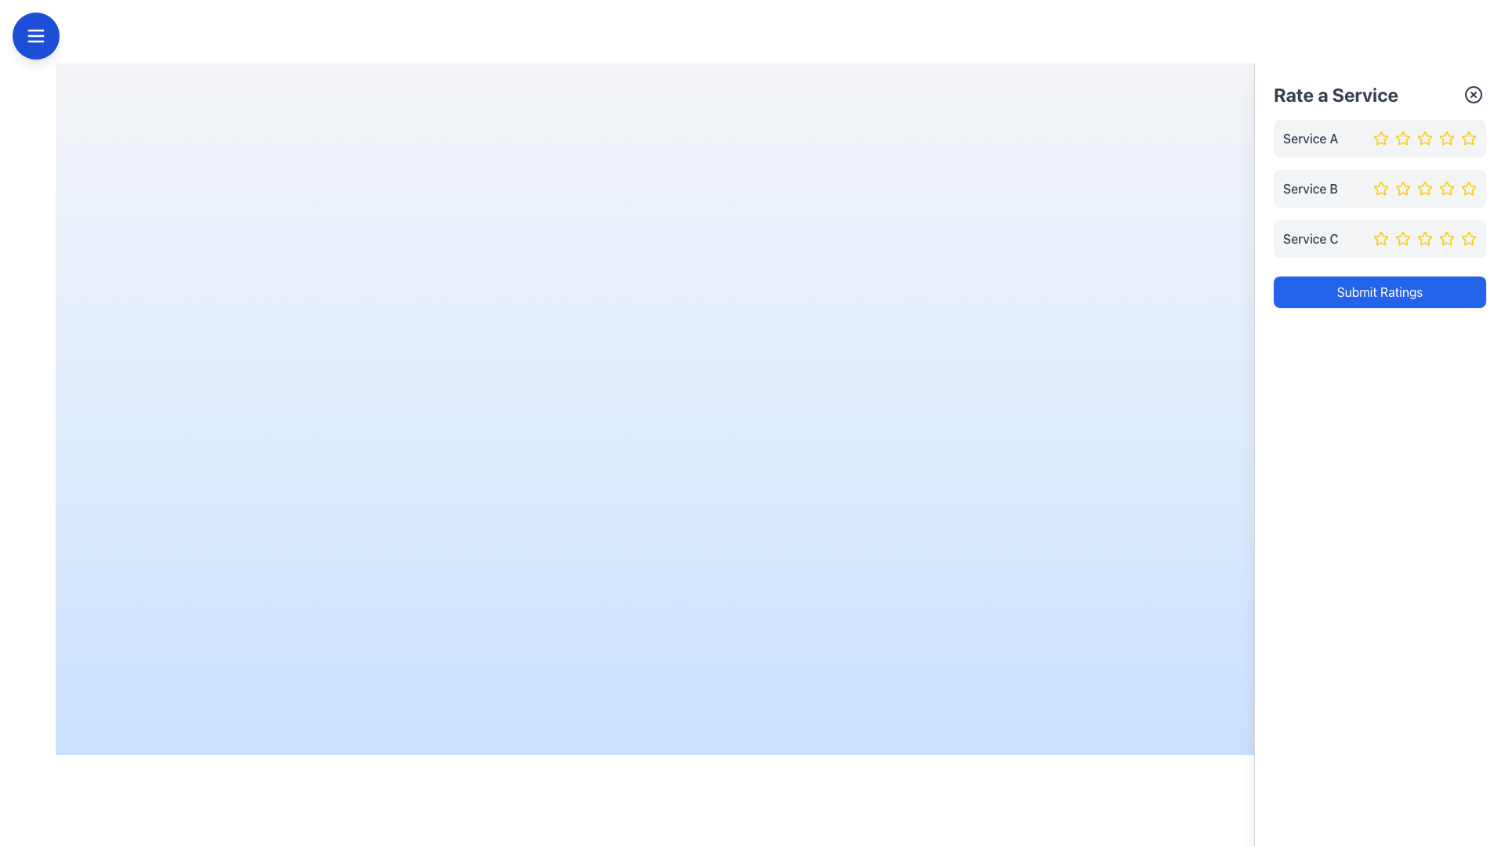 This screenshot has width=1505, height=846. I want to click on the second star icon for 'Service B' in the 'Rate a Service' section, so click(1403, 187).